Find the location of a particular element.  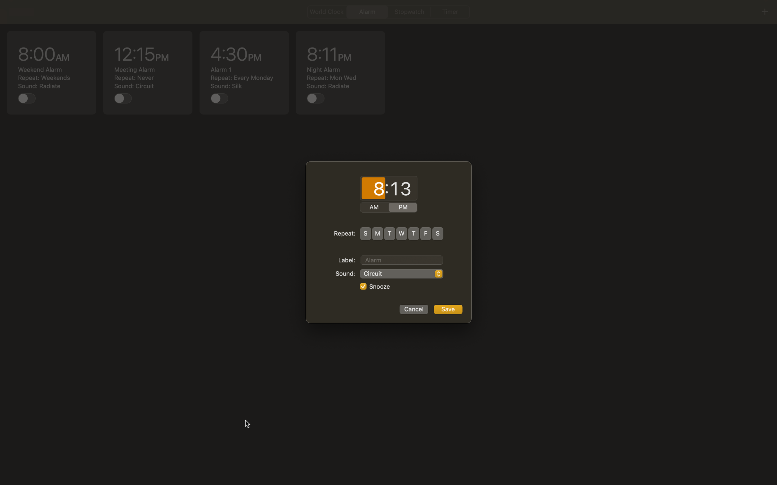

recurring daily alarm is located at coordinates (365, 233).